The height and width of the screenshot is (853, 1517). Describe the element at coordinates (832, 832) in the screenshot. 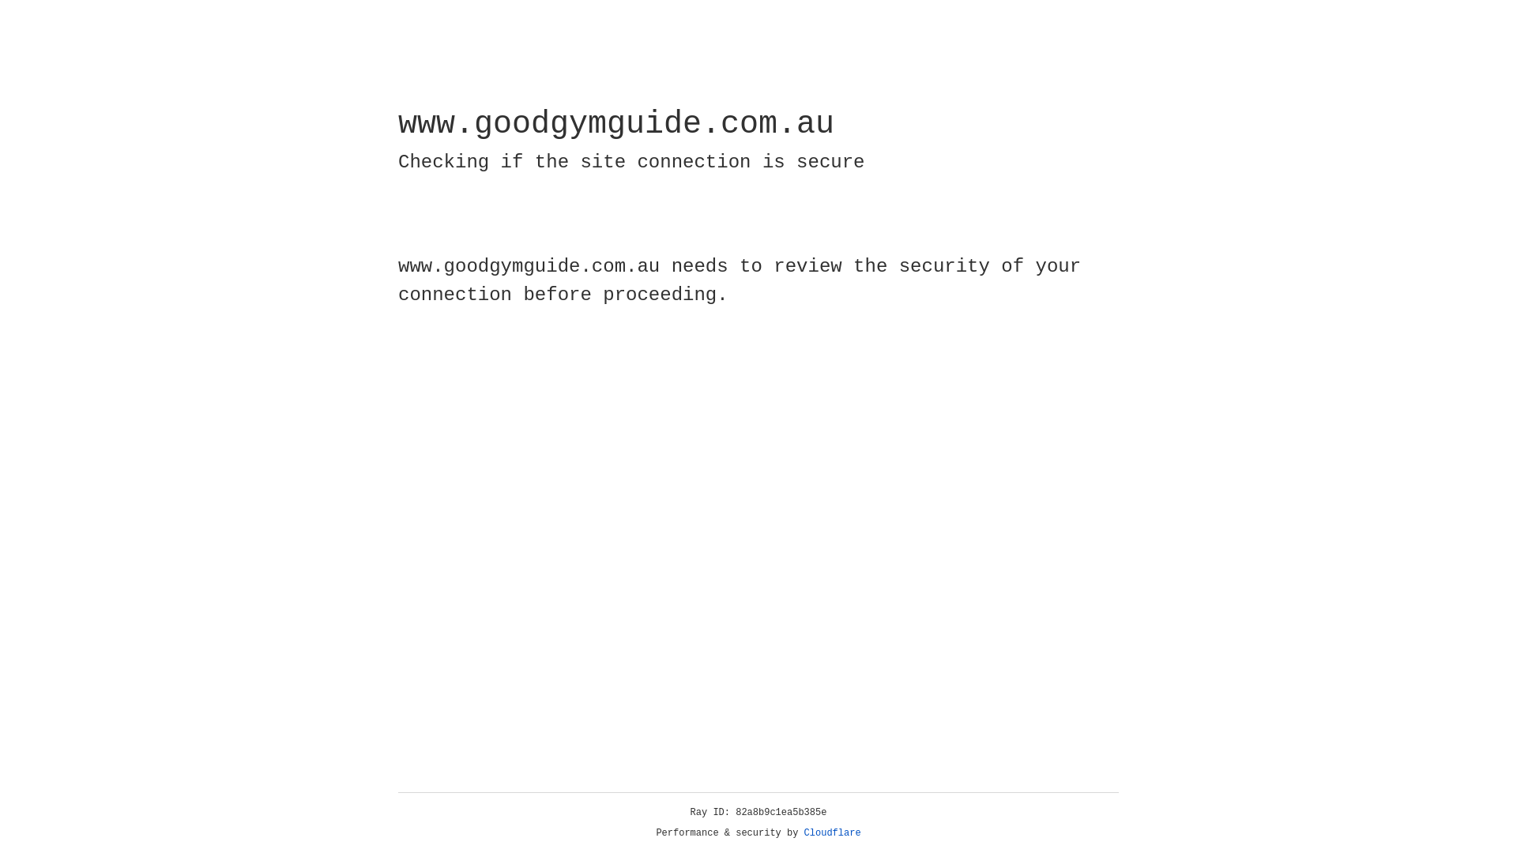

I see `'Cloudflare'` at that location.